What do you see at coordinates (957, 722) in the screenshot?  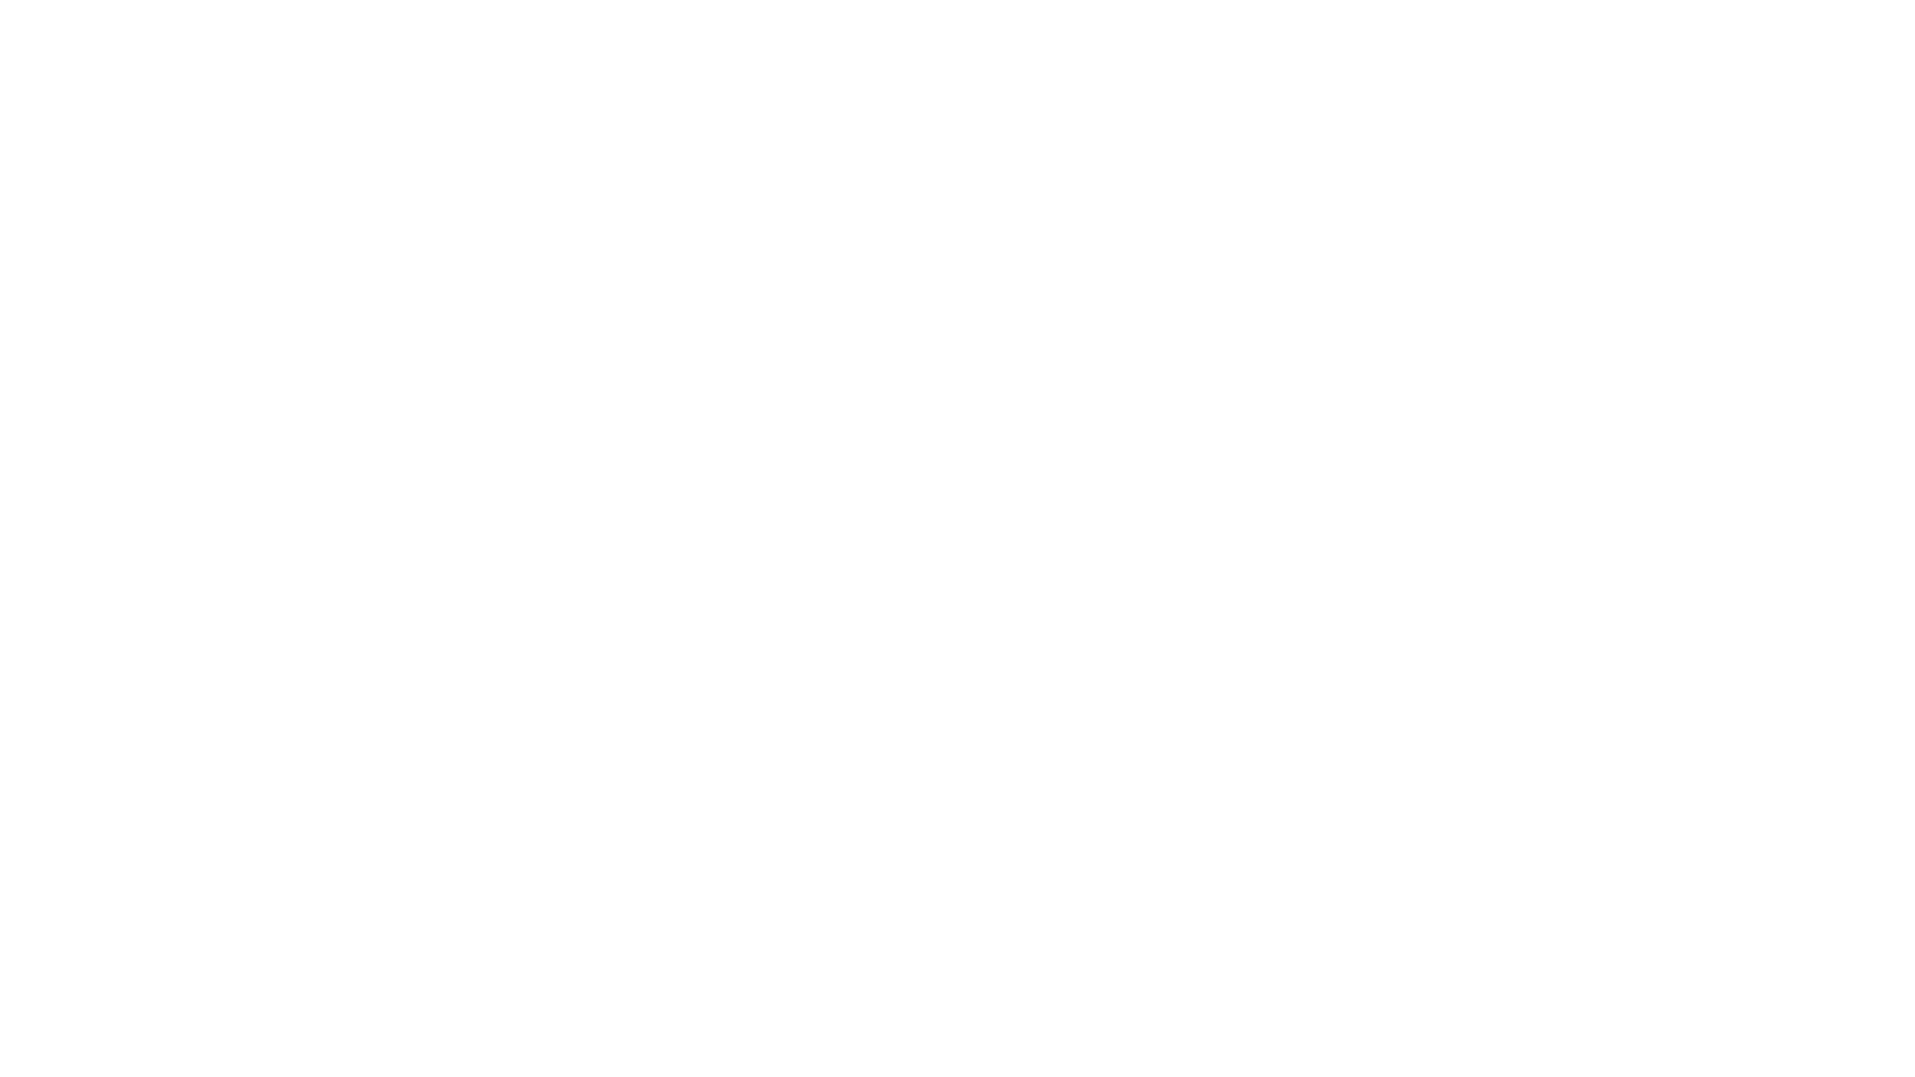 I see `Contact Us` at bounding box center [957, 722].